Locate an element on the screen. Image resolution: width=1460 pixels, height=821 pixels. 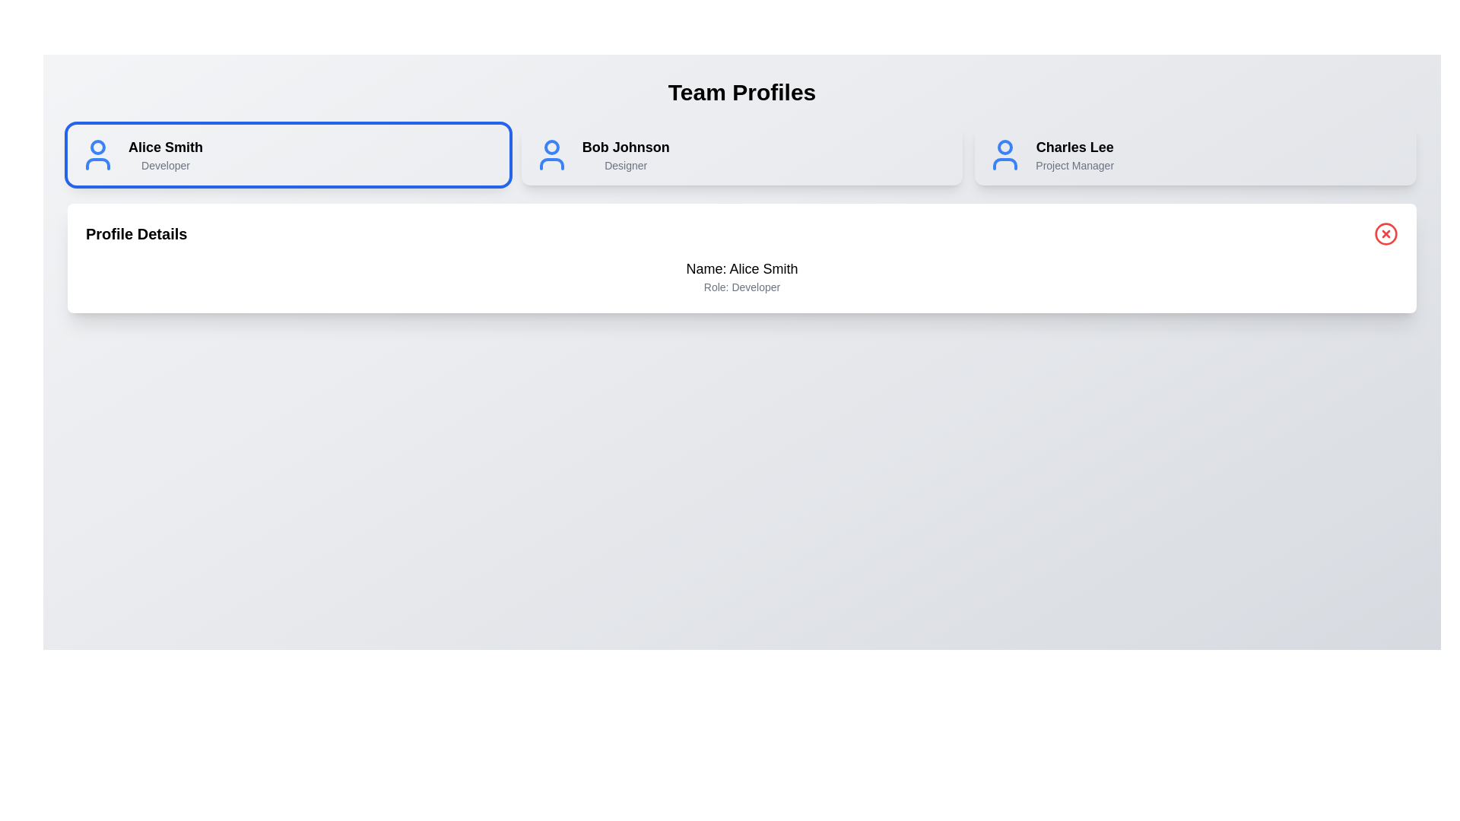
text label displaying 'Name: Alice Smith' which is positioned below 'Profile Details' and above 'Role: Developer' is located at coordinates (741, 268).